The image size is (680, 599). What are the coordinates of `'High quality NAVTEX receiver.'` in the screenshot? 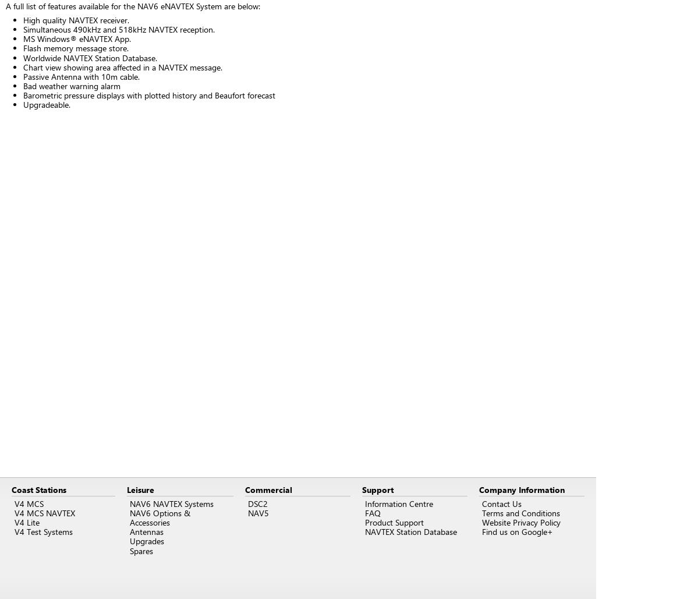 It's located at (76, 20).